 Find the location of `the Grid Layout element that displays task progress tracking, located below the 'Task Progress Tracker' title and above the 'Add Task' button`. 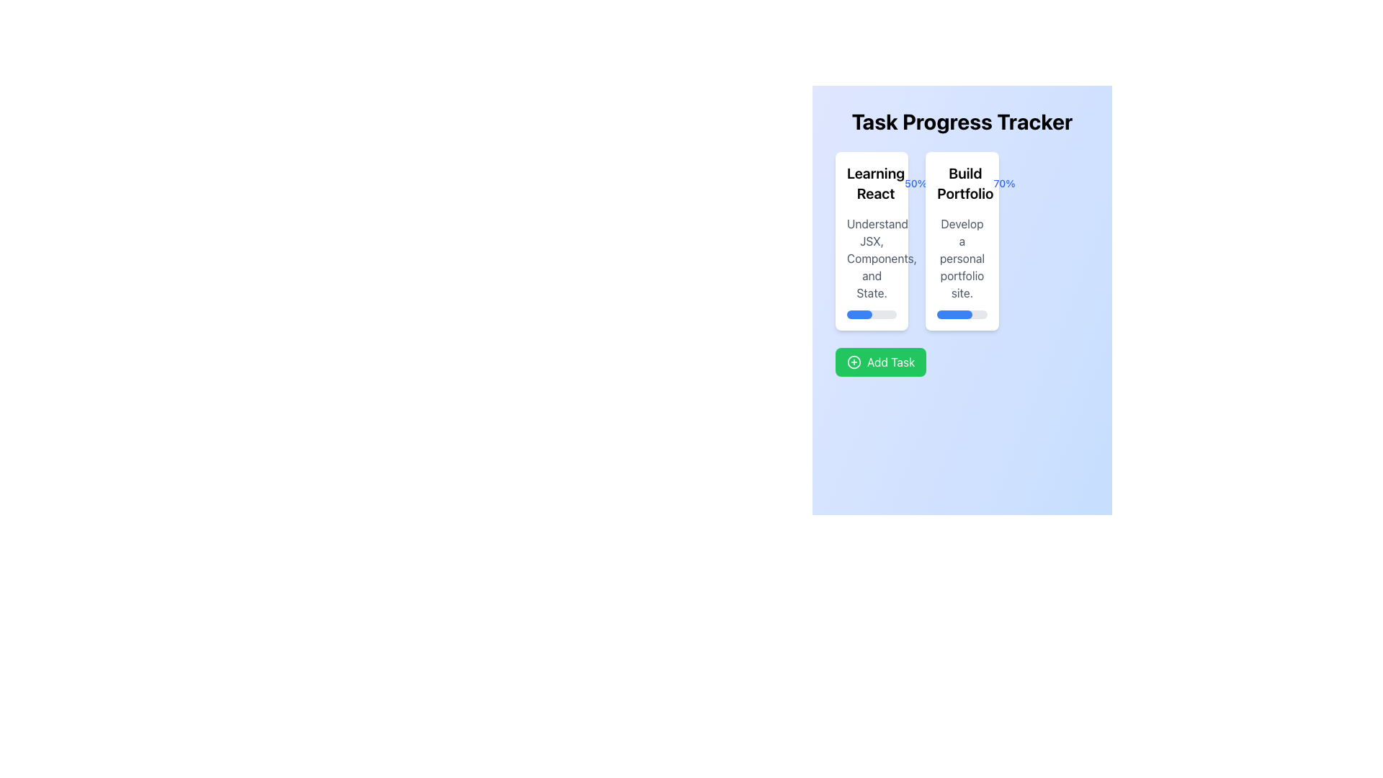

the Grid Layout element that displays task progress tracking, located below the 'Task Progress Tracker' title and above the 'Add Task' button is located at coordinates (962, 241).